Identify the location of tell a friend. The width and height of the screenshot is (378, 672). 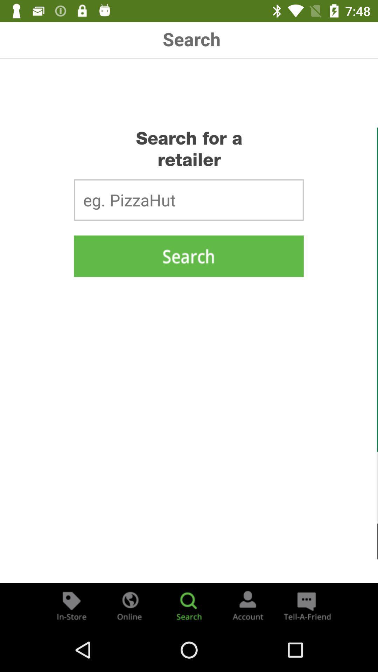
(306, 605).